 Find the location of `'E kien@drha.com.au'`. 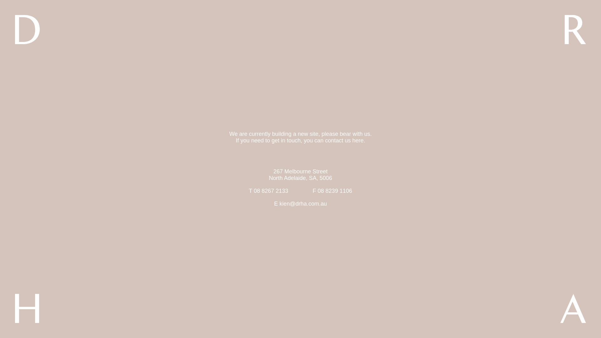

'E kien@drha.com.au' is located at coordinates (300, 204).